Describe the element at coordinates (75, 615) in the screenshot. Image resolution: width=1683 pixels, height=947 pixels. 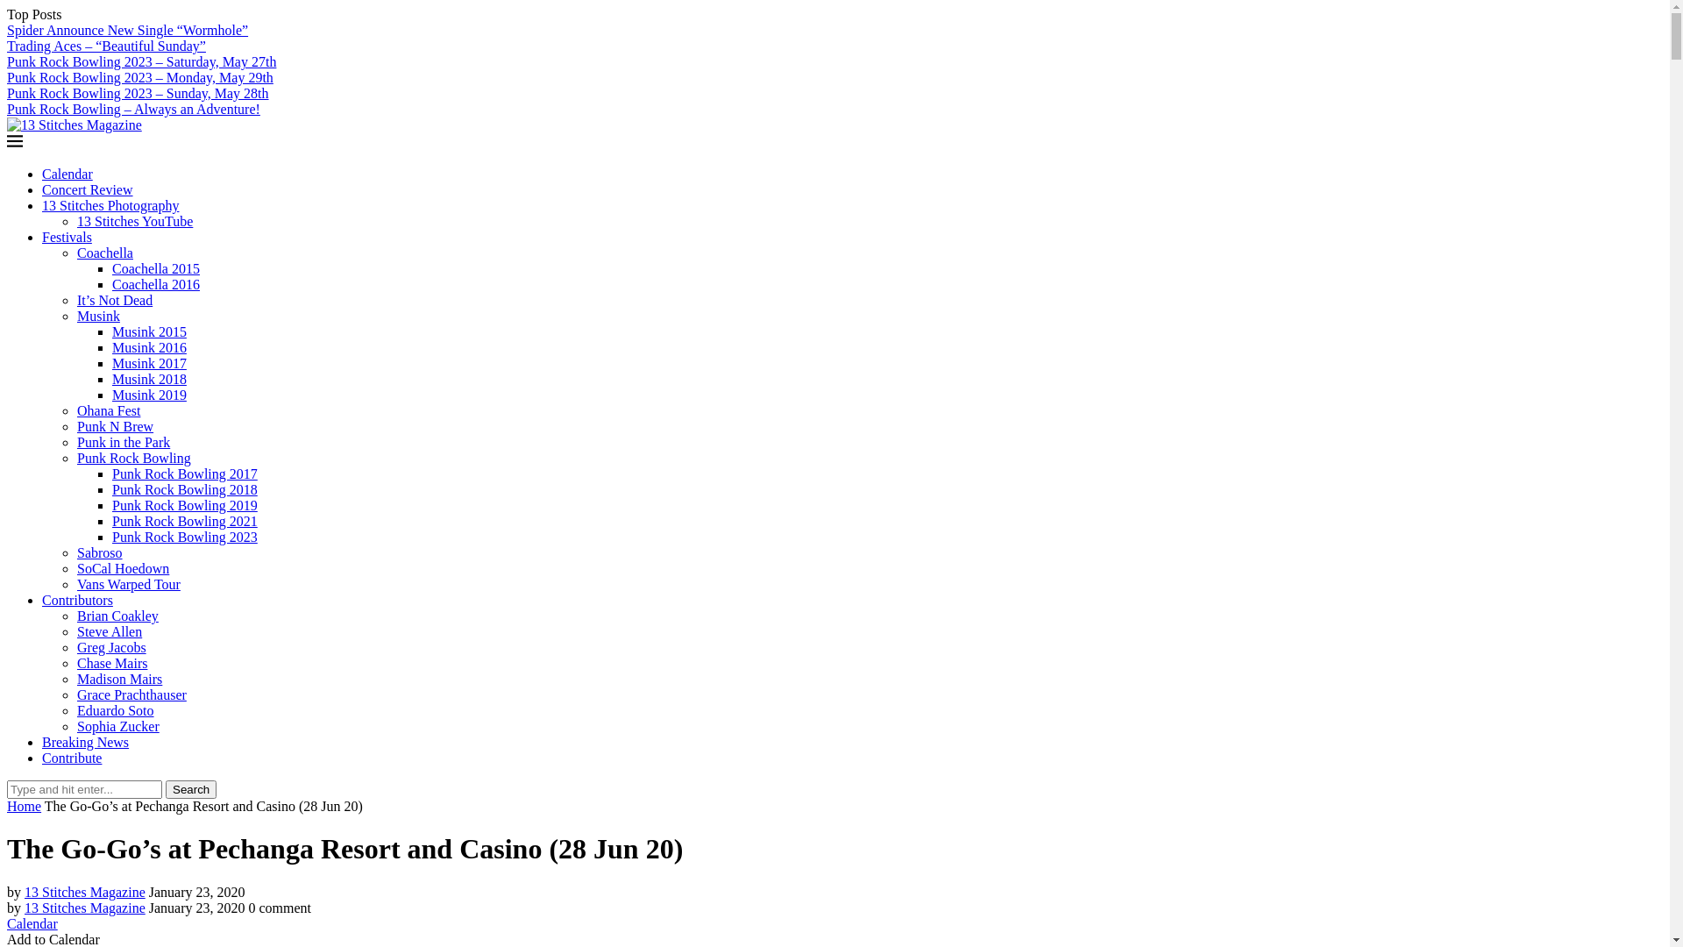
I see `'Brian Coakley'` at that location.